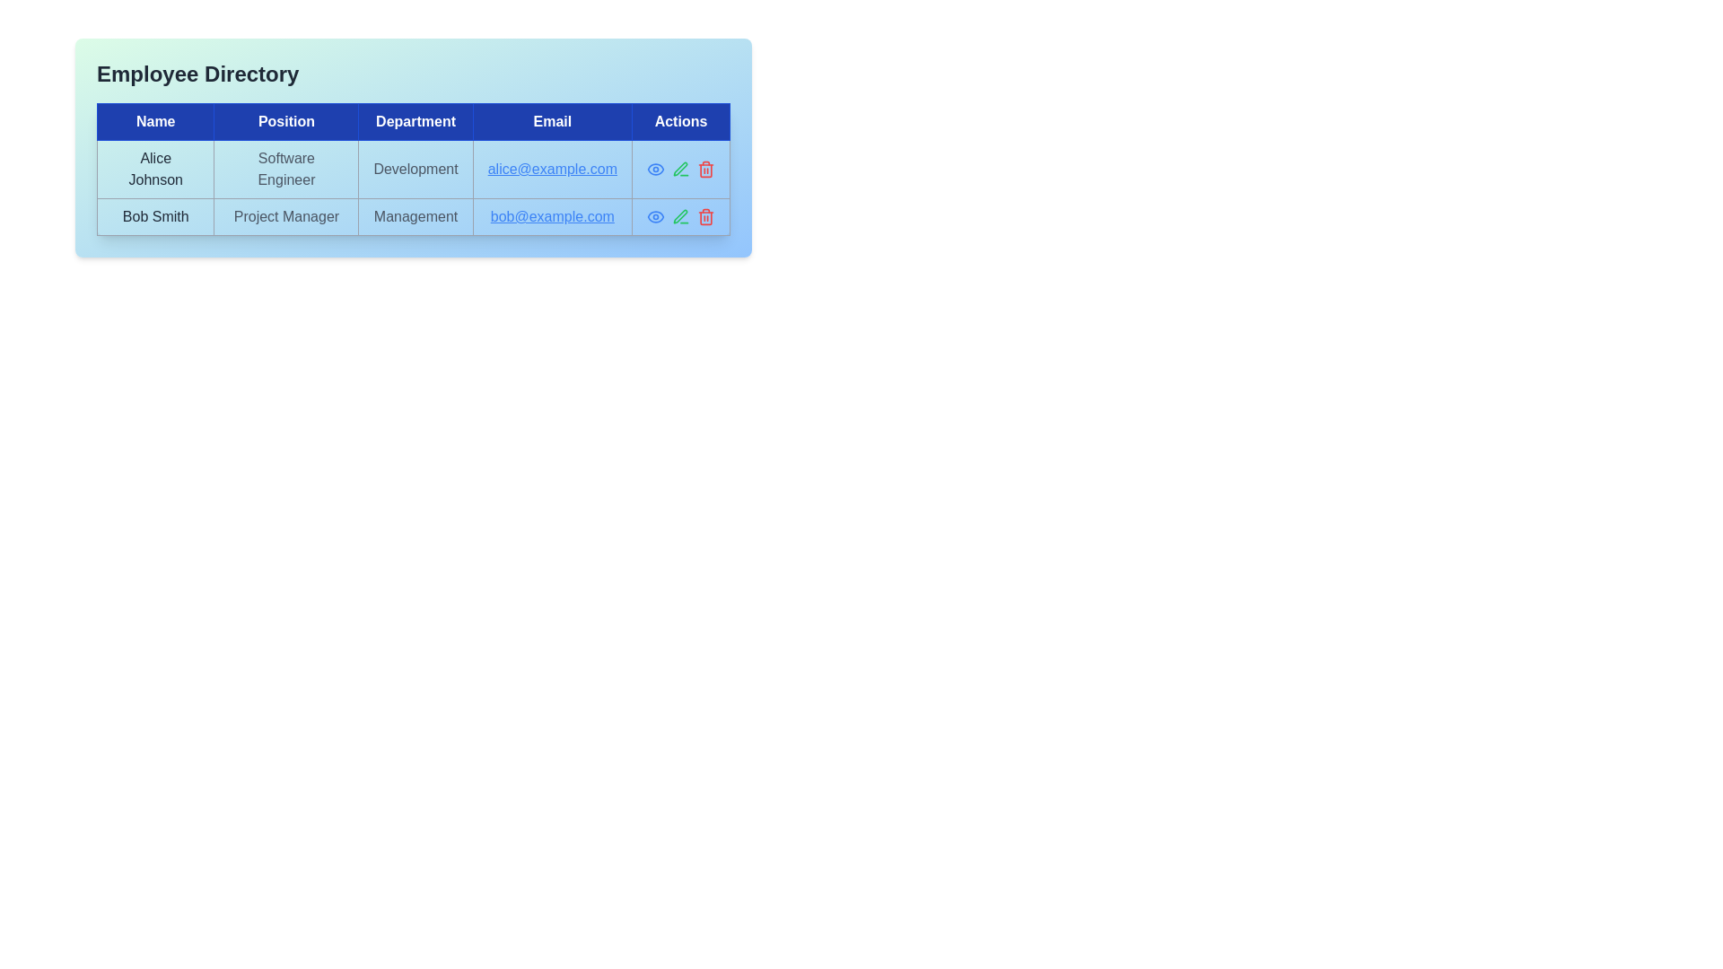  What do you see at coordinates (155, 121) in the screenshot?
I see `the static text element with a blue background and white text that reads 'Name', which serves as the first header in the data table` at bounding box center [155, 121].